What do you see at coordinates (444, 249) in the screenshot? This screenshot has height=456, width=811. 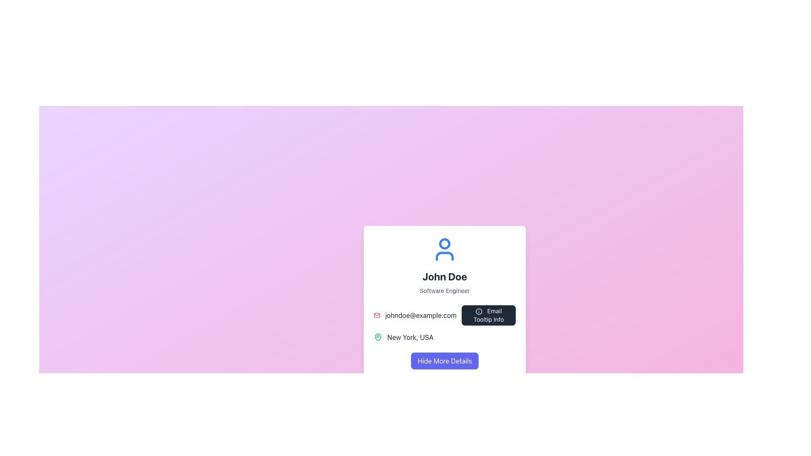 I see `the user profile icon located at the top of the card layout, centered above the name 'John Doe' and the text 'Software Engineer'` at bounding box center [444, 249].